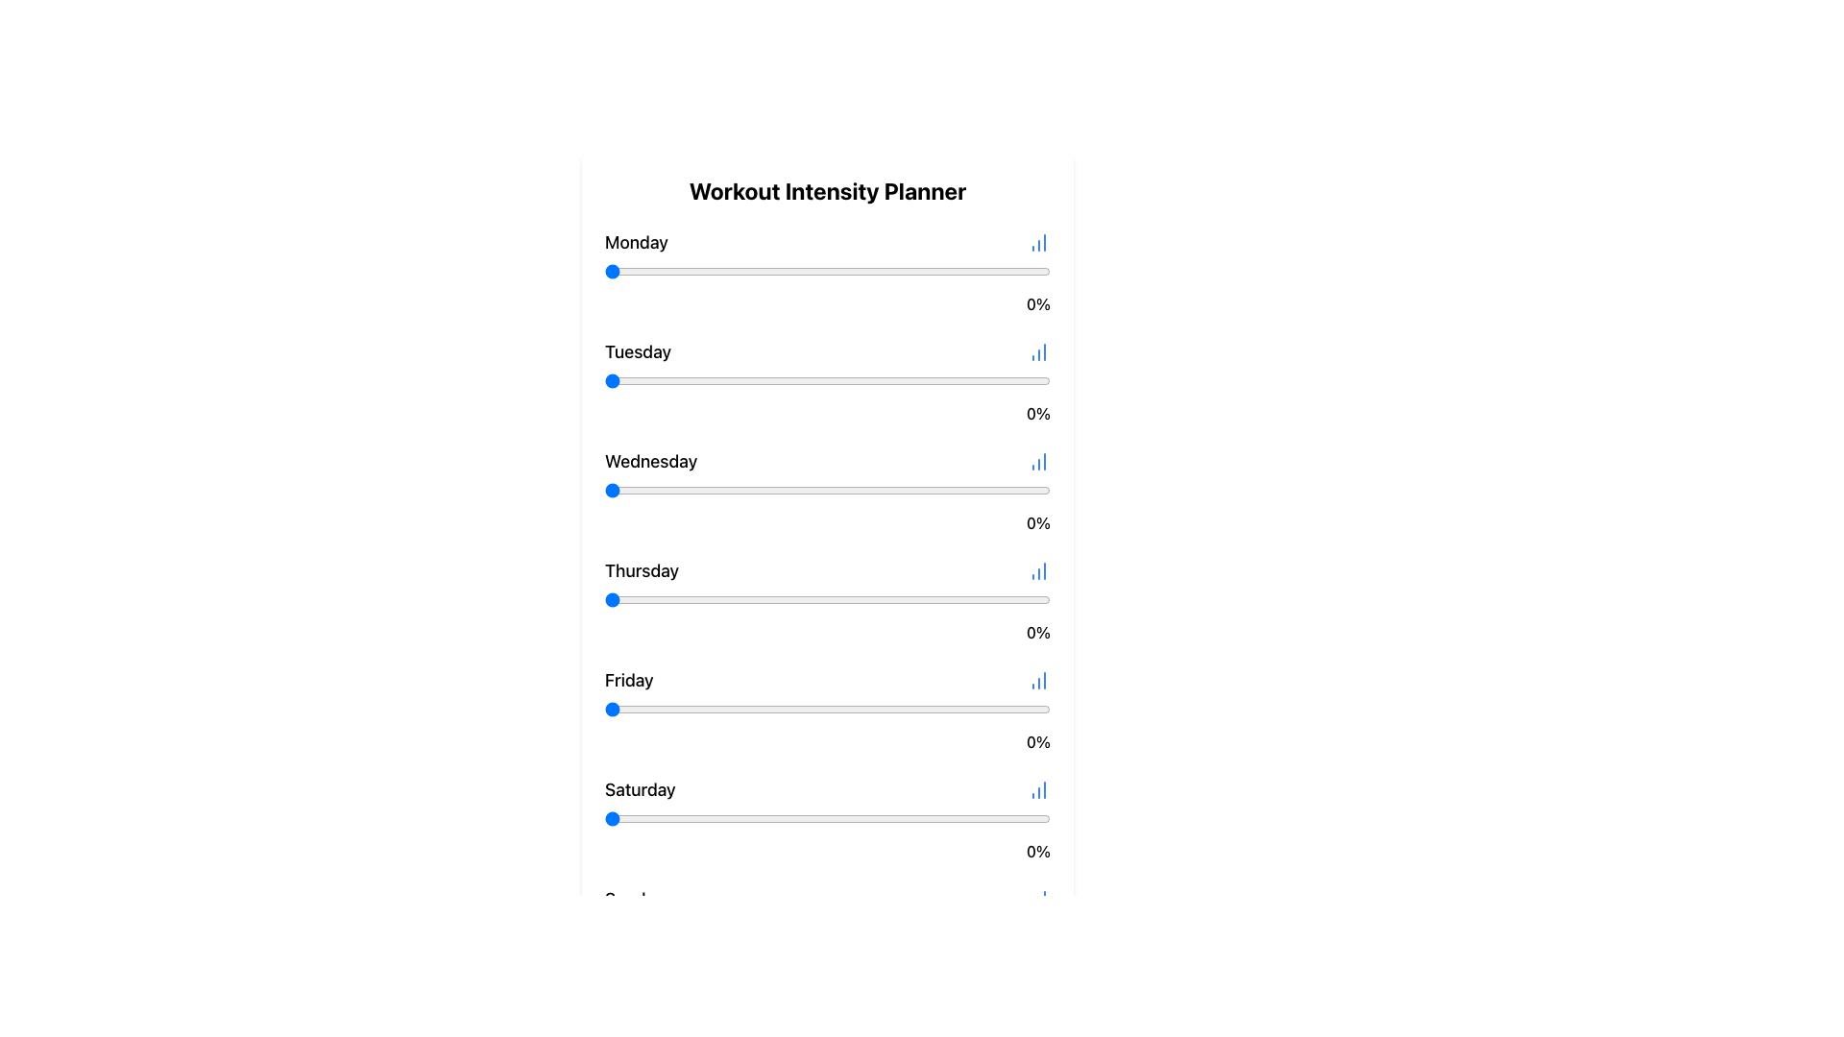 The height and width of the screenshot is (1037, 1844). I want to click on the Friday intensity, so click(1009, 710).